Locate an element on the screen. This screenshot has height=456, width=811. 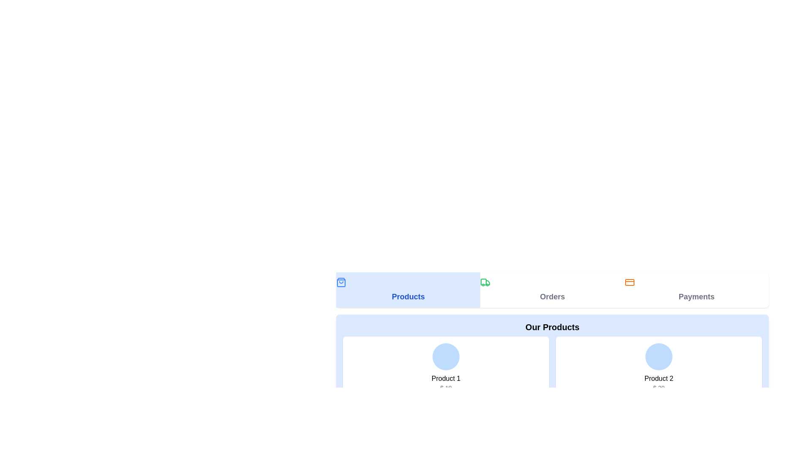
the static text displaying '$ 20' that is located below the label 'Product 2' in a card component is located at coordinates (659, 388).